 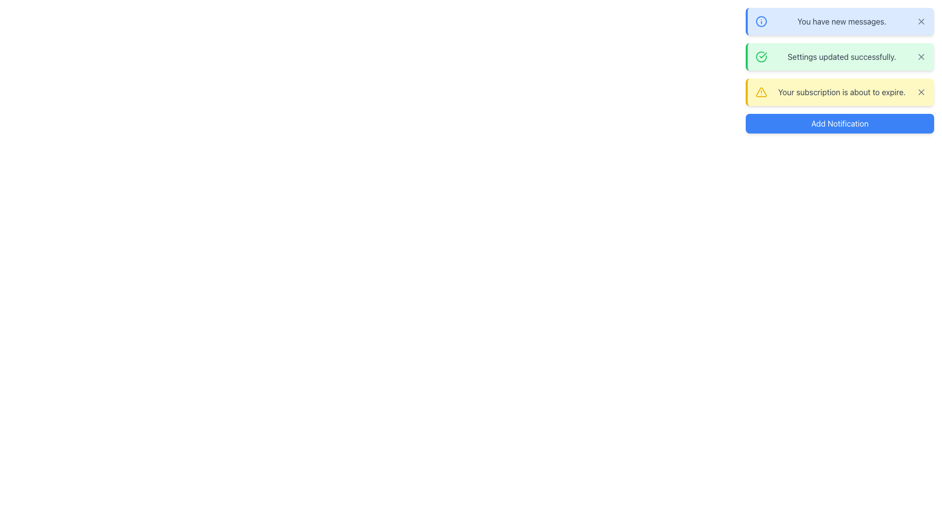 What do you see at coordinates (760, 21) in the screenshot?
I see `the information icon located on the left side of the notification box that contains the message 'You have new messages.'` at bounding box center [760, 21].